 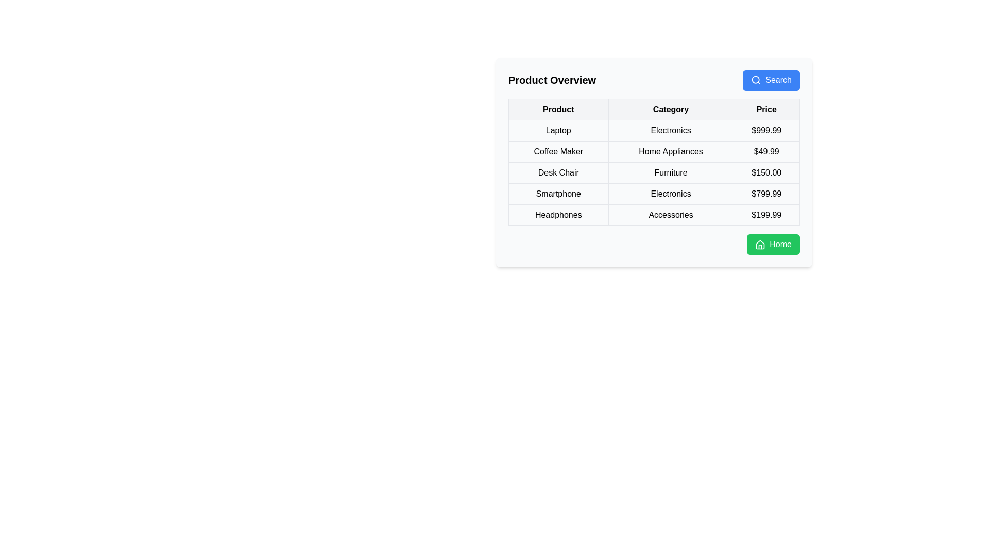 I want to click on the text label categorizing 'Coffee Maker' in the 'Category' column of the product table, so click(x=671, y=151).